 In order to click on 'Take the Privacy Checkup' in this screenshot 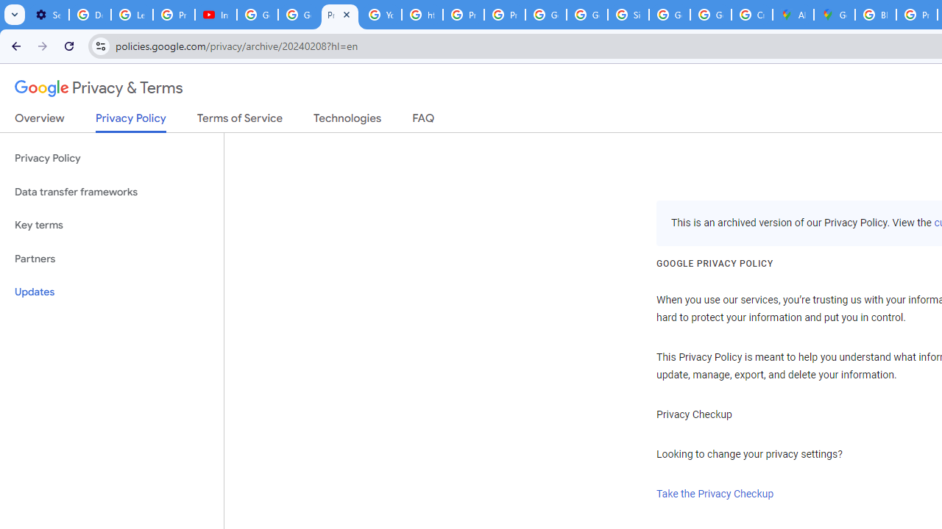, I will do `click(715, 494)`.